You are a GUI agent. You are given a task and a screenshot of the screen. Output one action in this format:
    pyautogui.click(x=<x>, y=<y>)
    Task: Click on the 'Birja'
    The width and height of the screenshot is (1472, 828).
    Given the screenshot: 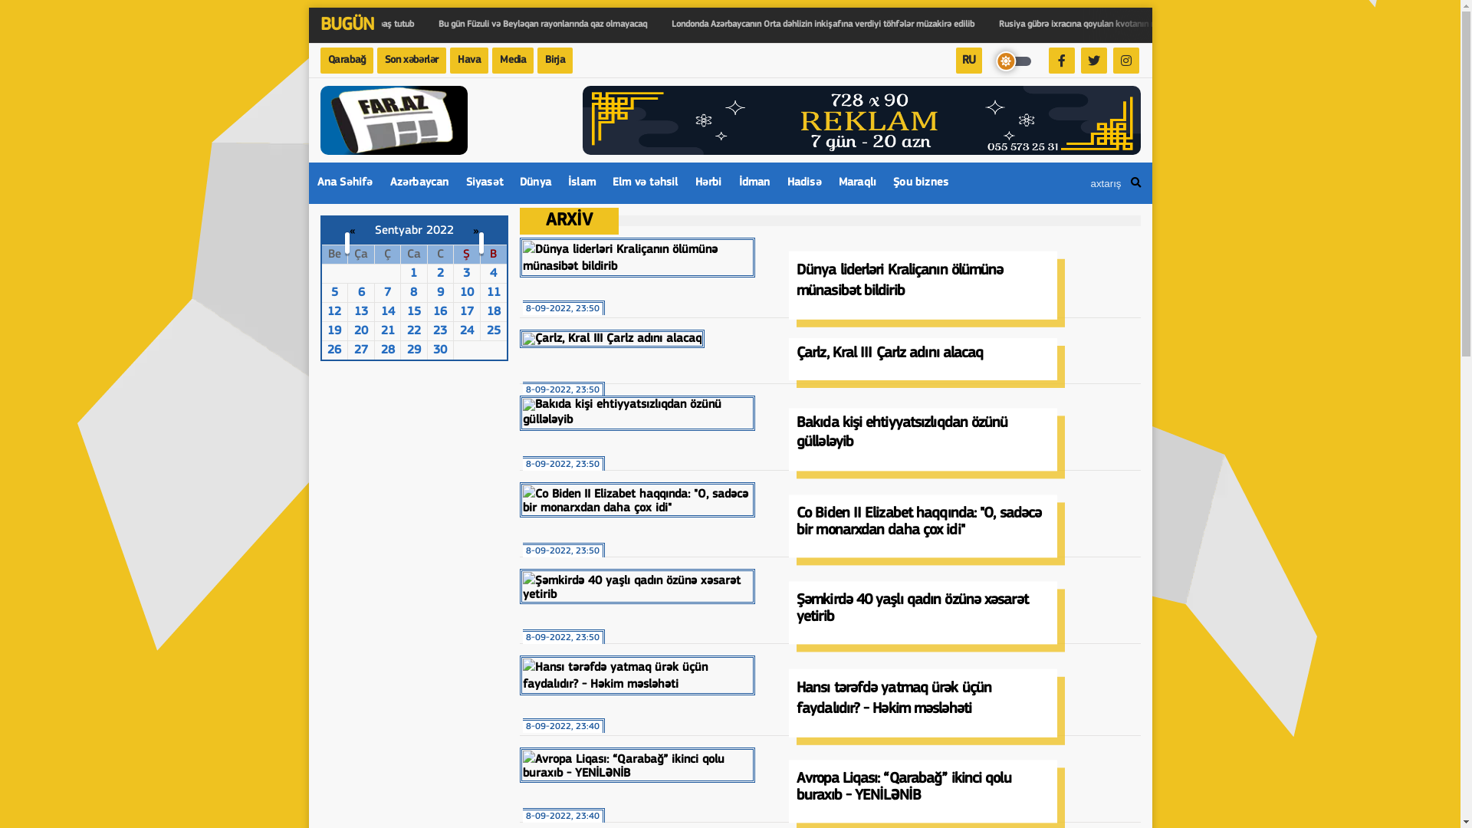 What is the action you would take?
    pyautogui.click(x=537, y=59)
    